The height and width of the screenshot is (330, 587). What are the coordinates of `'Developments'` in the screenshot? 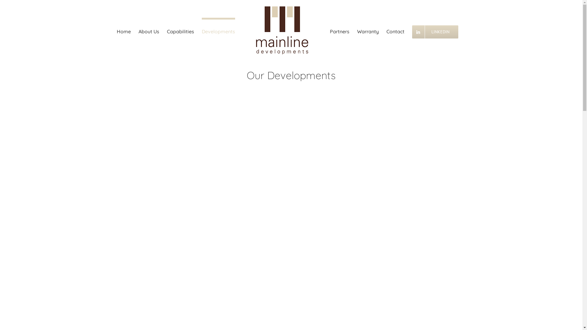 It's located at (218, 31).